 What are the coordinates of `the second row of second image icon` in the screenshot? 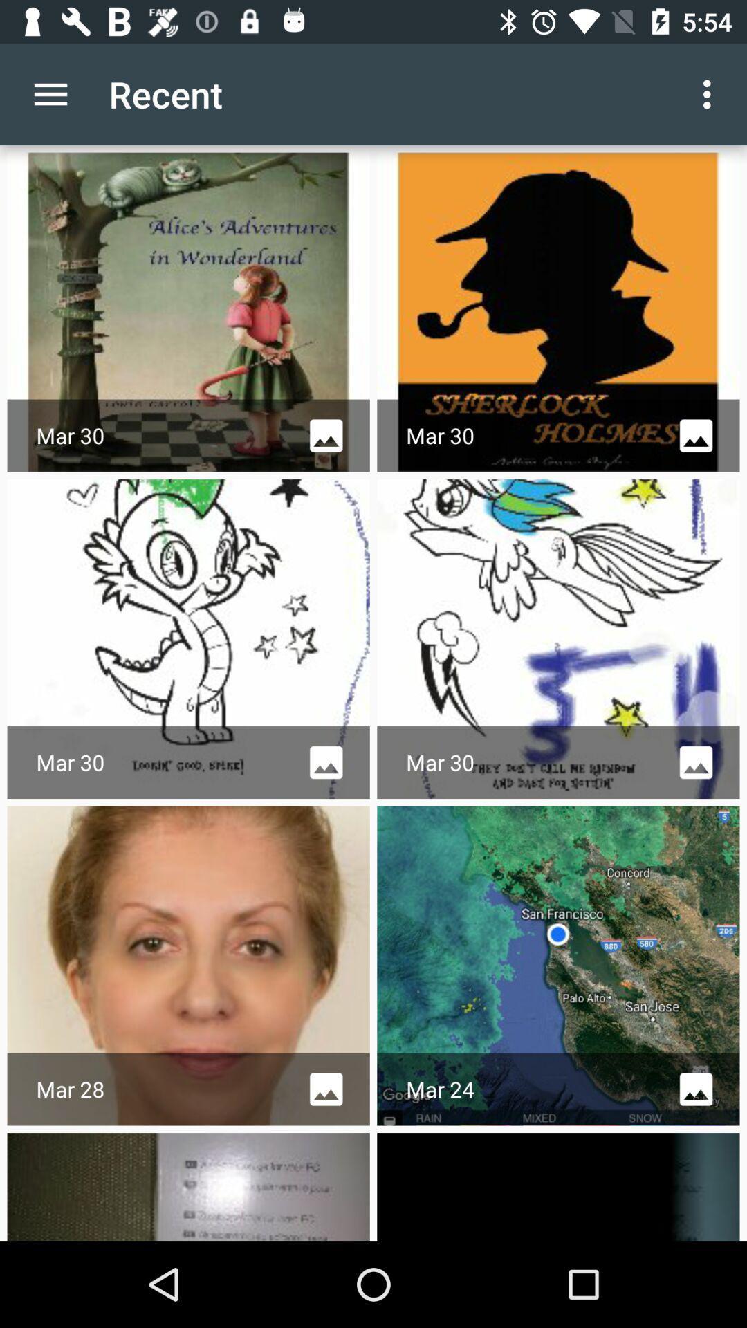 It's located at (696, 762).